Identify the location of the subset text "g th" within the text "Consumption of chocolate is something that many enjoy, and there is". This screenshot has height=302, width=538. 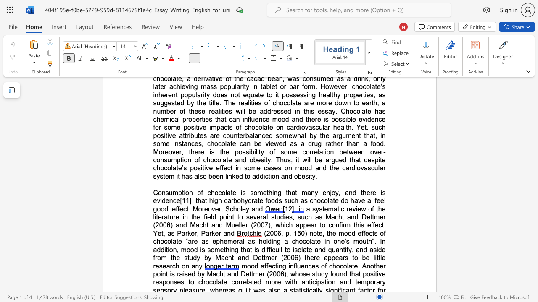
(277, 193).